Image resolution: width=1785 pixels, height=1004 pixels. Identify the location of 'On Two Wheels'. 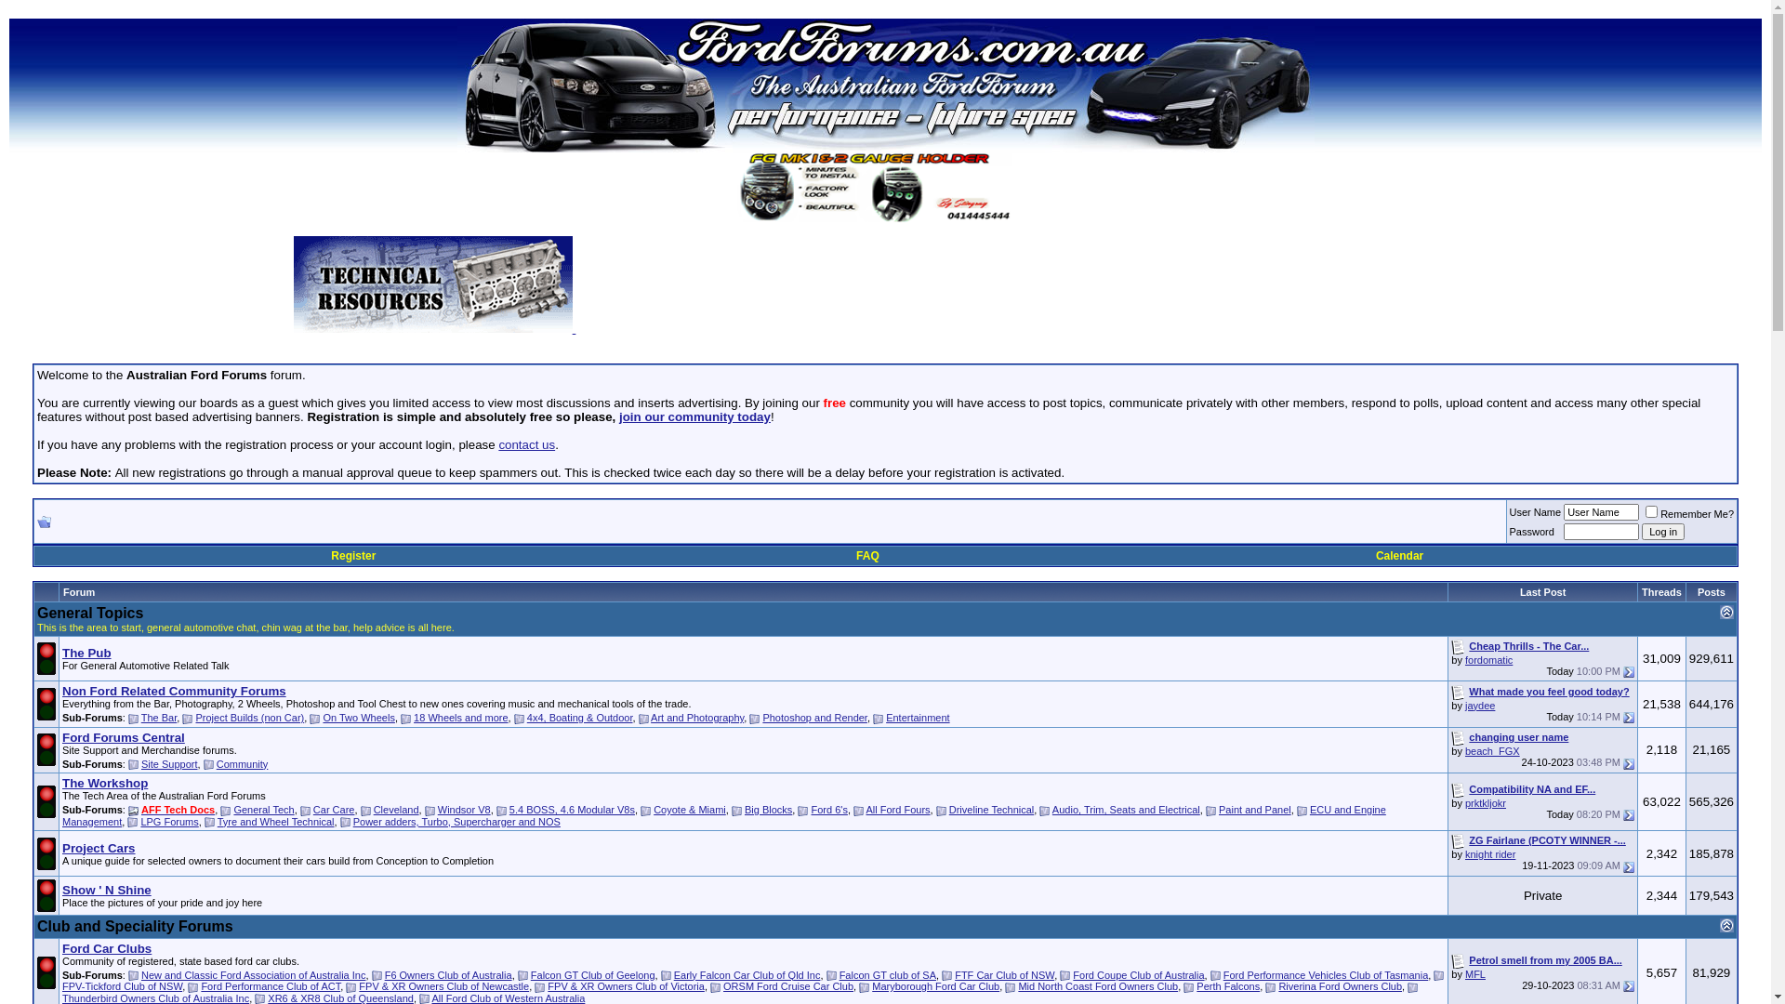
(358, 716).